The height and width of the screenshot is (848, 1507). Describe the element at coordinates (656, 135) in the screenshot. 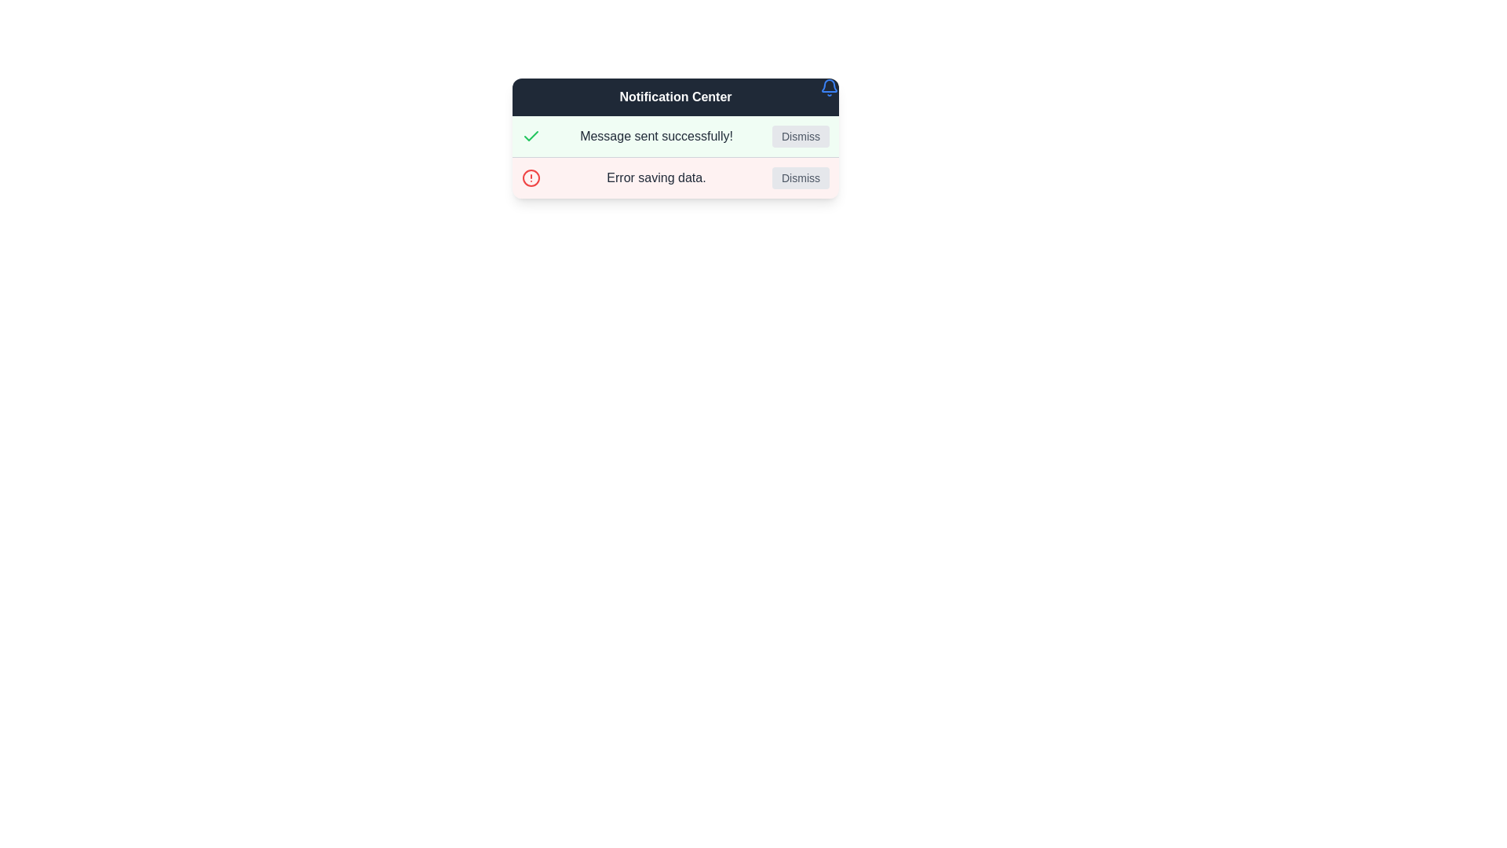

I see `the text snippet displaying 'Message sent successfully!' in a notification panel, located centrally between a green checkmark icon and a 'Dismiss' button` at that location.